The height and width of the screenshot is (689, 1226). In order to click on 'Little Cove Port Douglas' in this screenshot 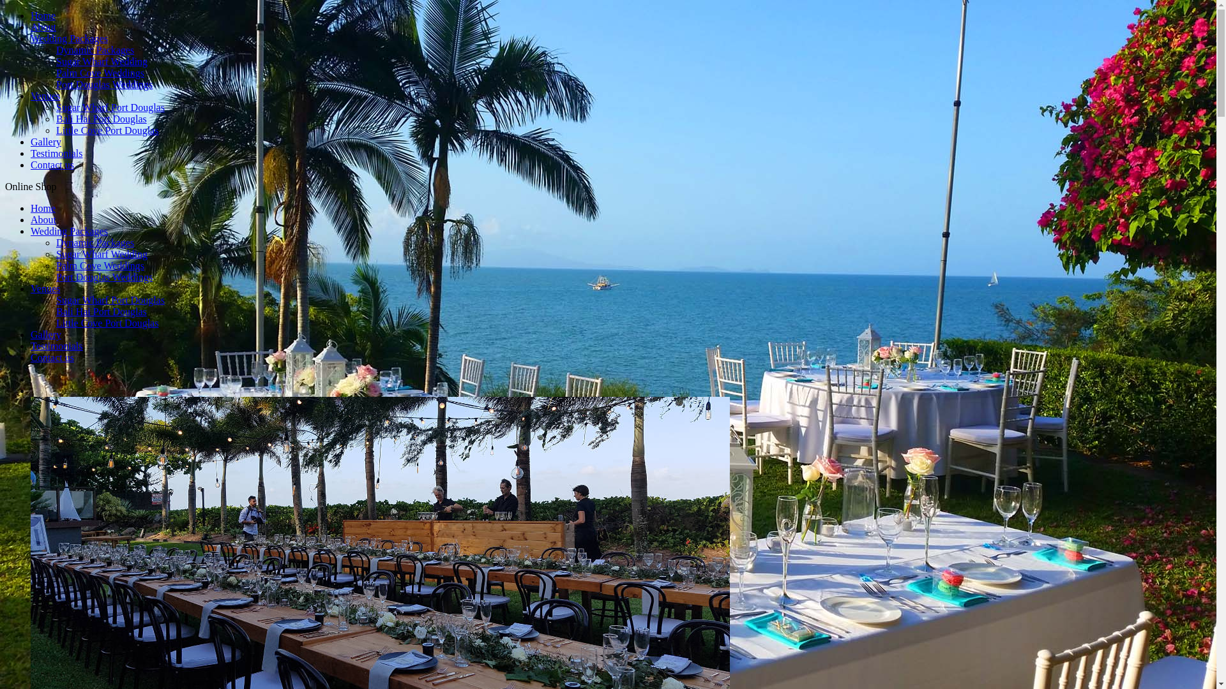, I will do `click(107, 130)`.